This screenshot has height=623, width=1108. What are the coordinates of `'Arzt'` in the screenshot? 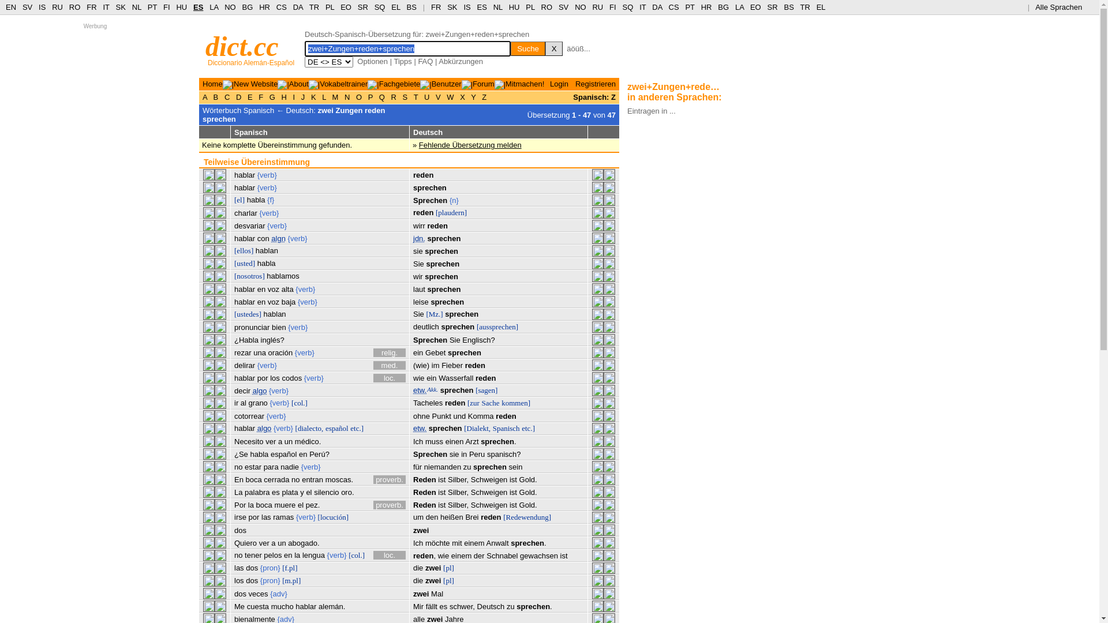 It's located at (471, 441).